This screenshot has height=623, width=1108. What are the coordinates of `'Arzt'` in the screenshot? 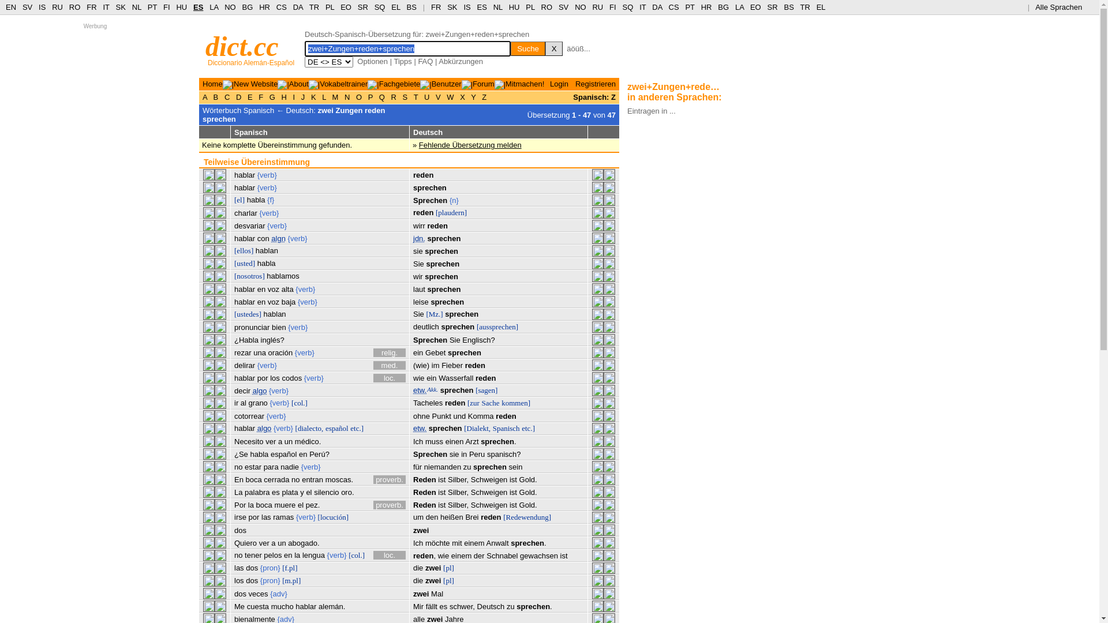 It's located at (471, 441).